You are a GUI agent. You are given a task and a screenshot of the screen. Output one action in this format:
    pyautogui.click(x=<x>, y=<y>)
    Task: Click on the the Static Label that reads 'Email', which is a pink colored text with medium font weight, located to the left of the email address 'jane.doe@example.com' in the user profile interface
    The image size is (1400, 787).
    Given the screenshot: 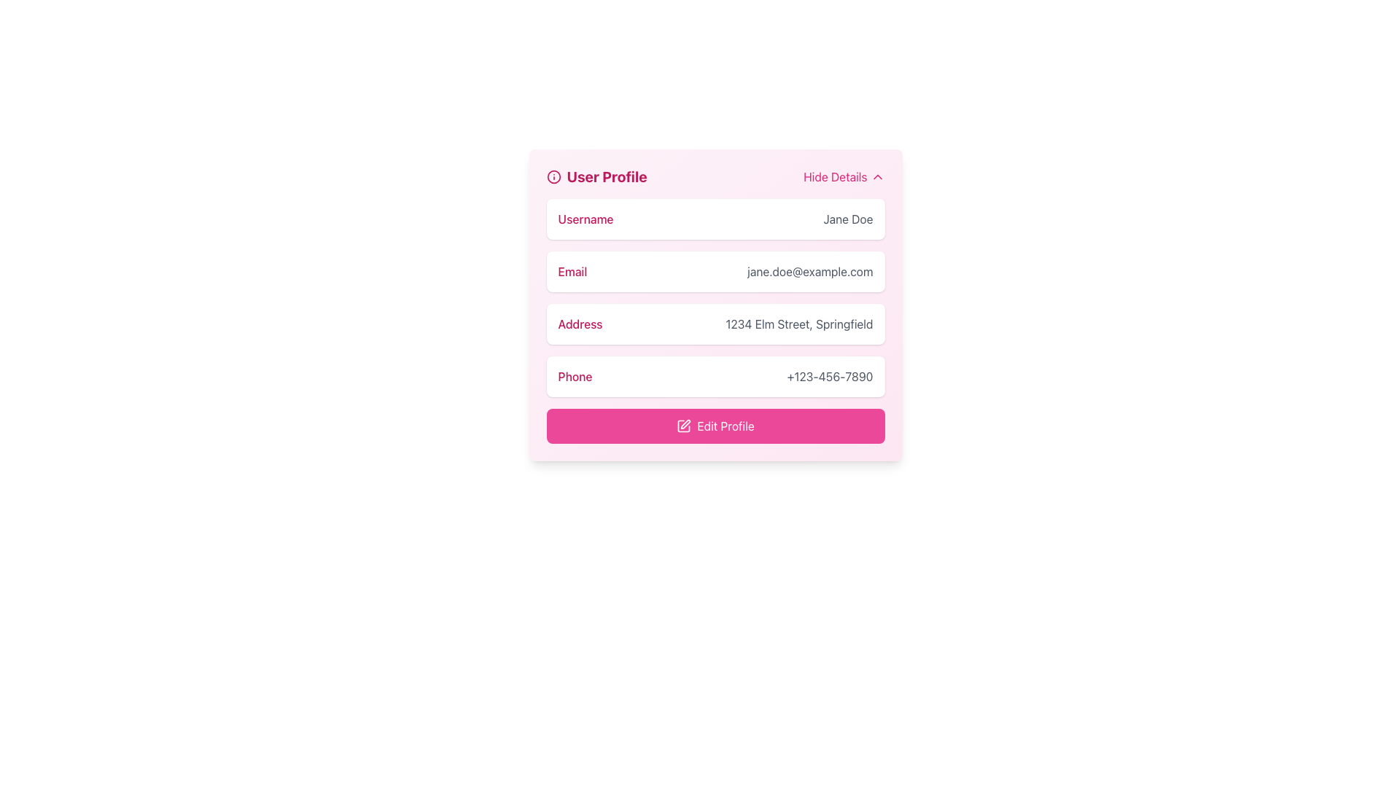 What is the action you would take?
    pyautogui.click(x=572, y=272)
    